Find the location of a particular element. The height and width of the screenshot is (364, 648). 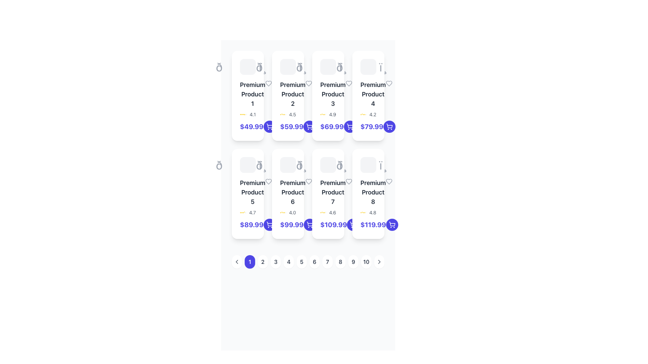

the fifth star icon in the 5-star rating system for the 'Premium Product 6', which is currently in an inactive (gray) state is located at coordinates (286, 213).